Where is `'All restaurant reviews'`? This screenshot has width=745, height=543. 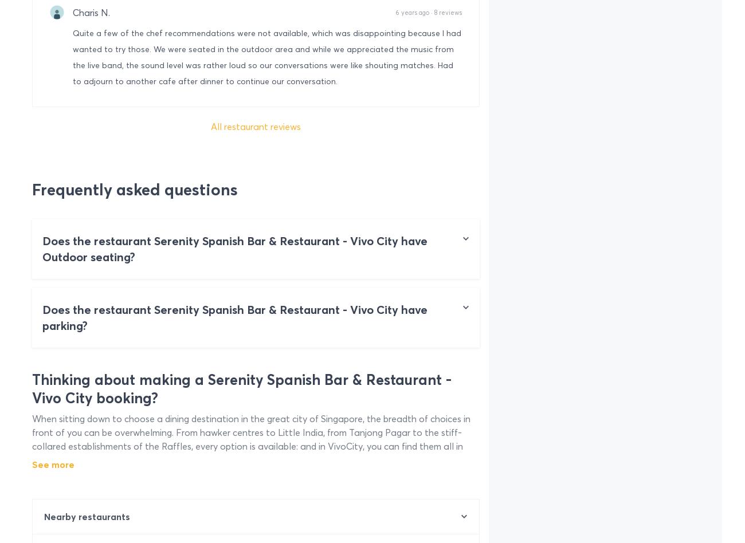 'All restaurant reviews' is located at coordinates (255, 125).